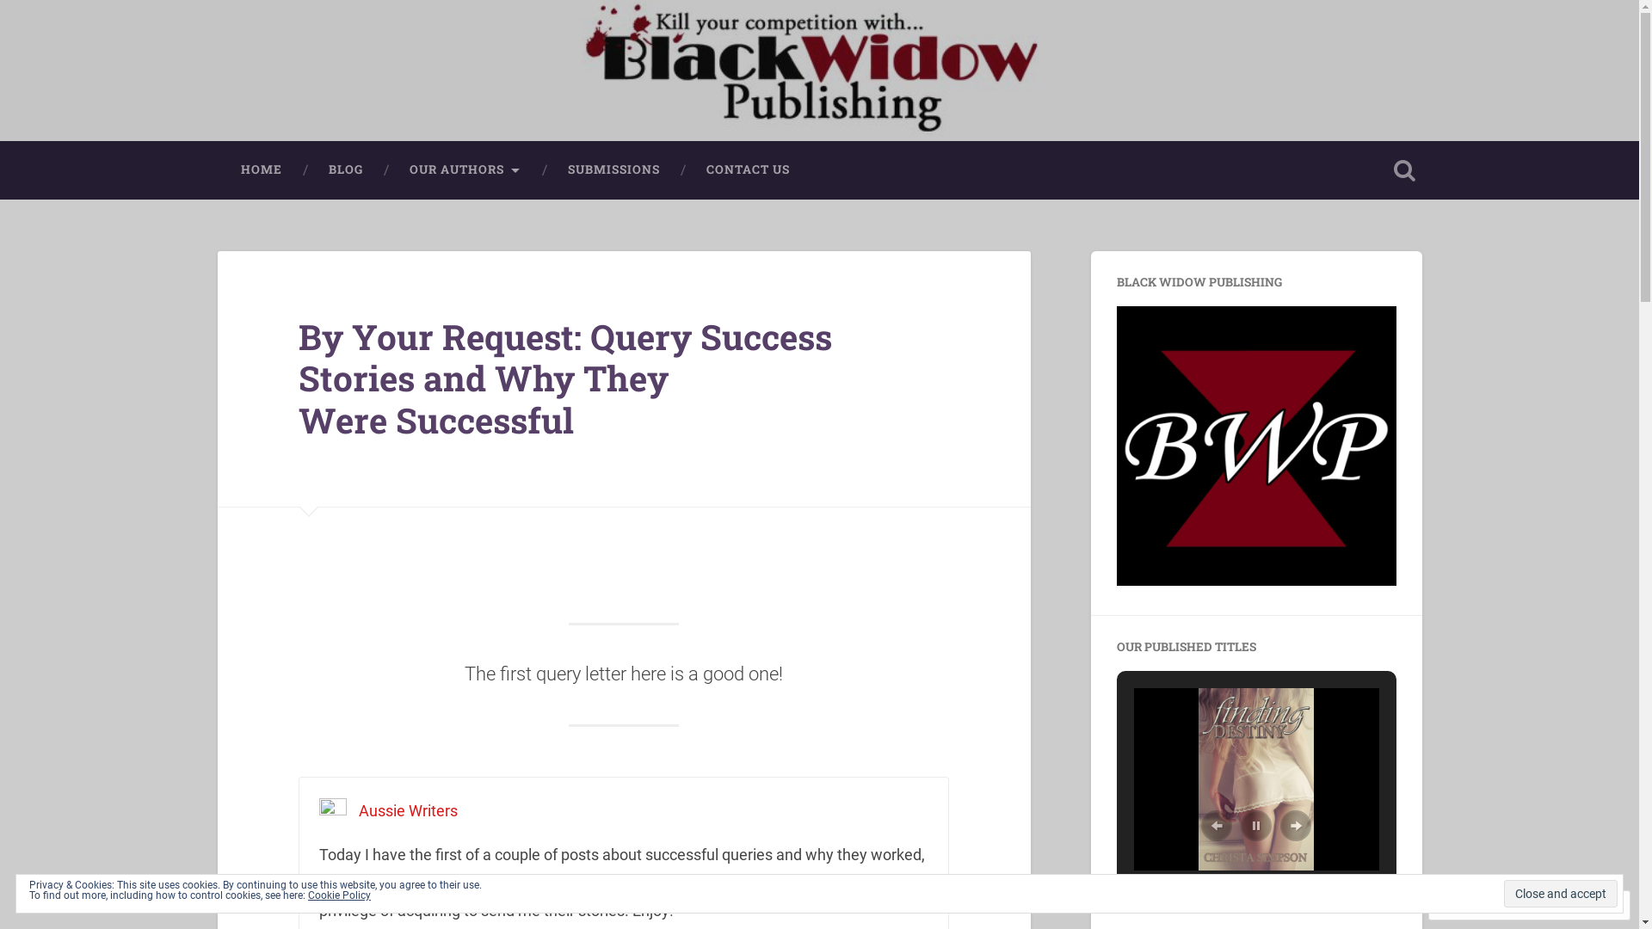  Describe the element at coordinates (1559, 904) in the screenshot. I see `'Follow'` at that location.